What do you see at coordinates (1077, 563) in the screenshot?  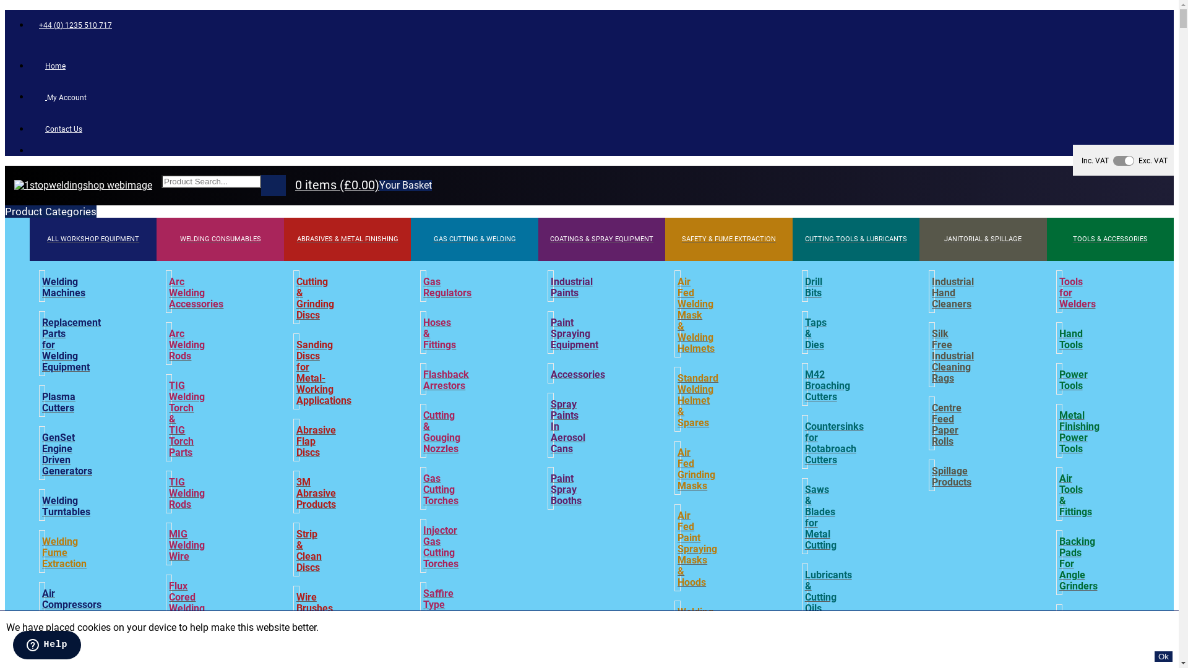 I see `'Backing Pads For Angle Grinders'` at bounding box center [1077, 563].